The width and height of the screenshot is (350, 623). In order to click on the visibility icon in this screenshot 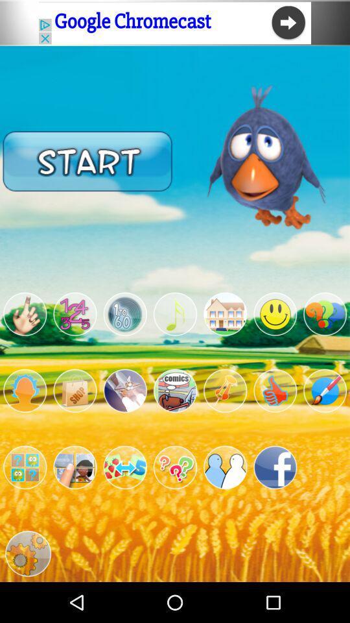, I will do `click(125, 336)`.